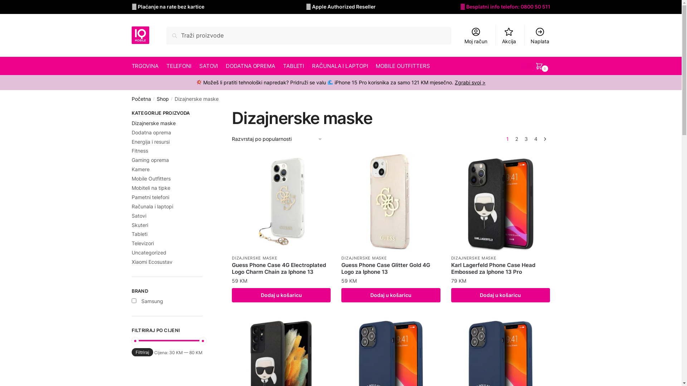  Describe the element at coordinates (152, 262) in the screenshot. I see `'Xiaomi Ecosustav'` at that location.